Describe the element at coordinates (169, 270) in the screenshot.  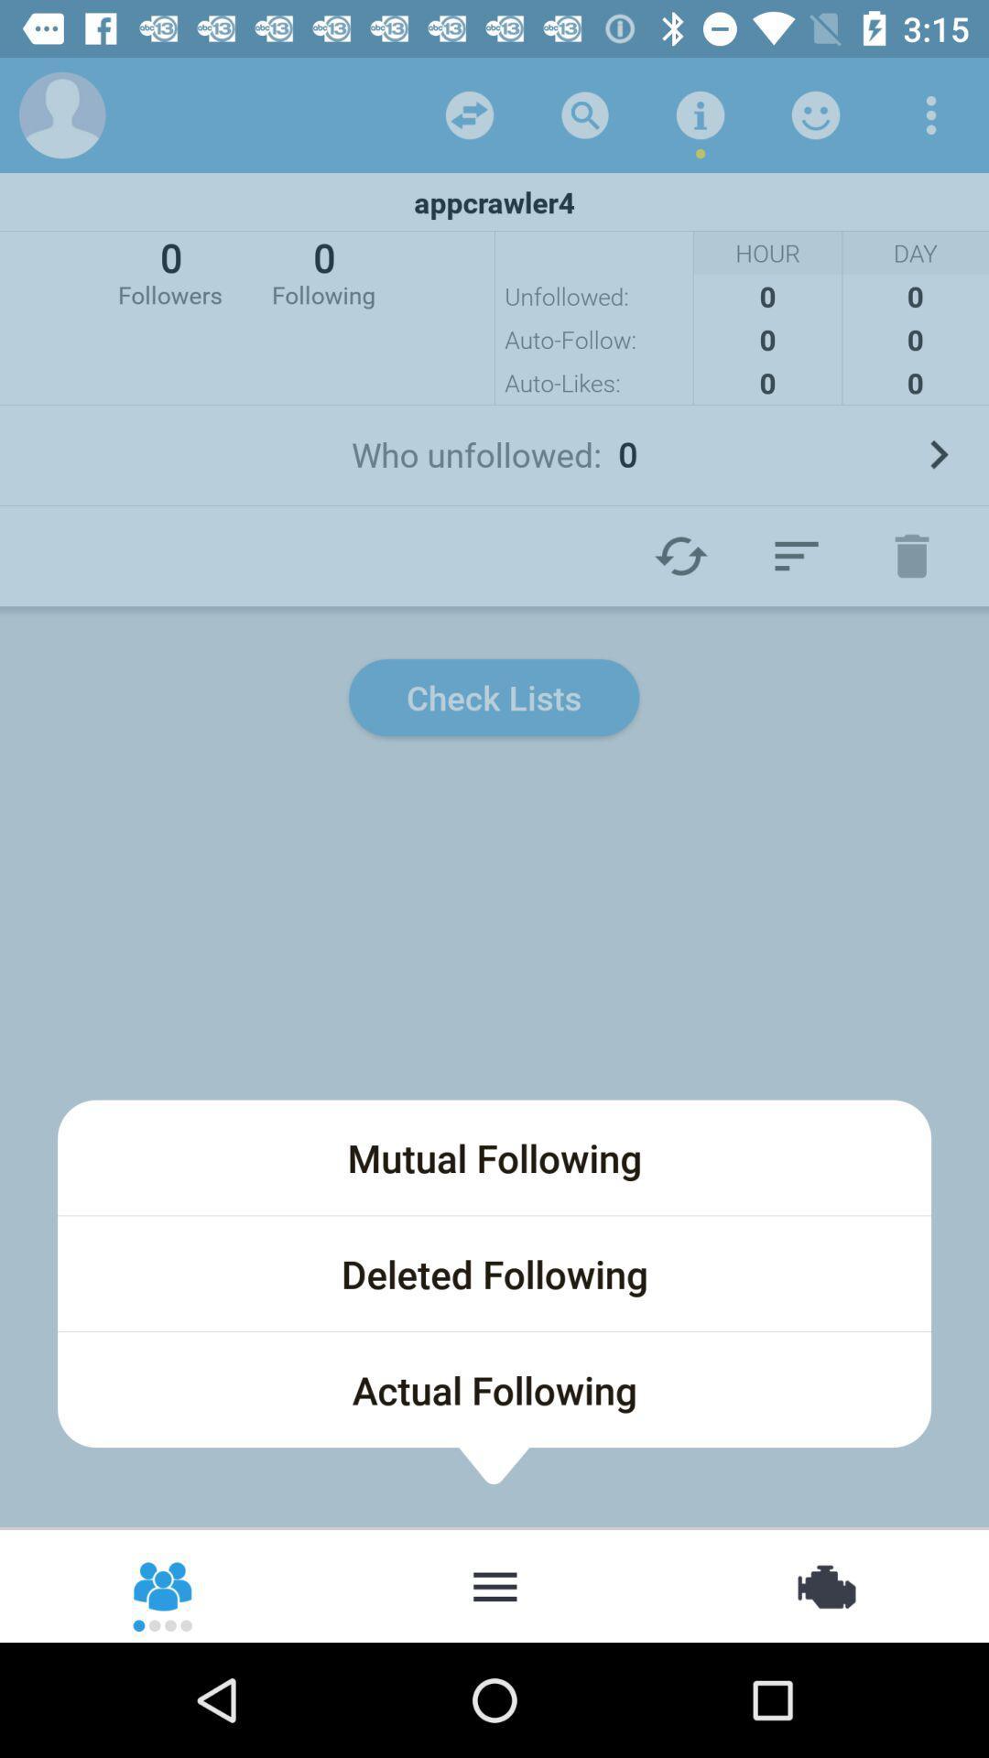
I see `the item to the left of 0` at that location.